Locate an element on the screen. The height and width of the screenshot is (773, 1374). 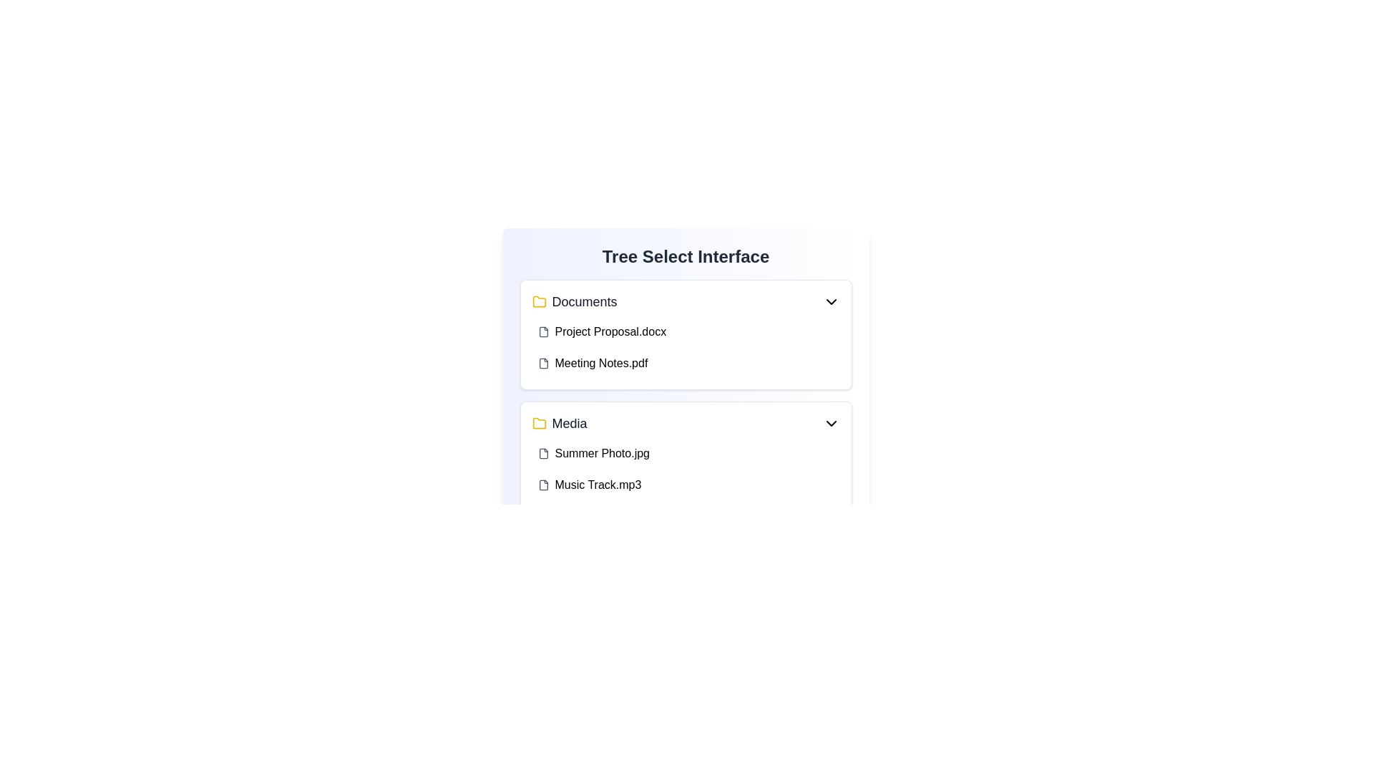
the downward-pointing chevron-shaped icon located in the header labeled 'Documents' is located at coordinates (831, 301).